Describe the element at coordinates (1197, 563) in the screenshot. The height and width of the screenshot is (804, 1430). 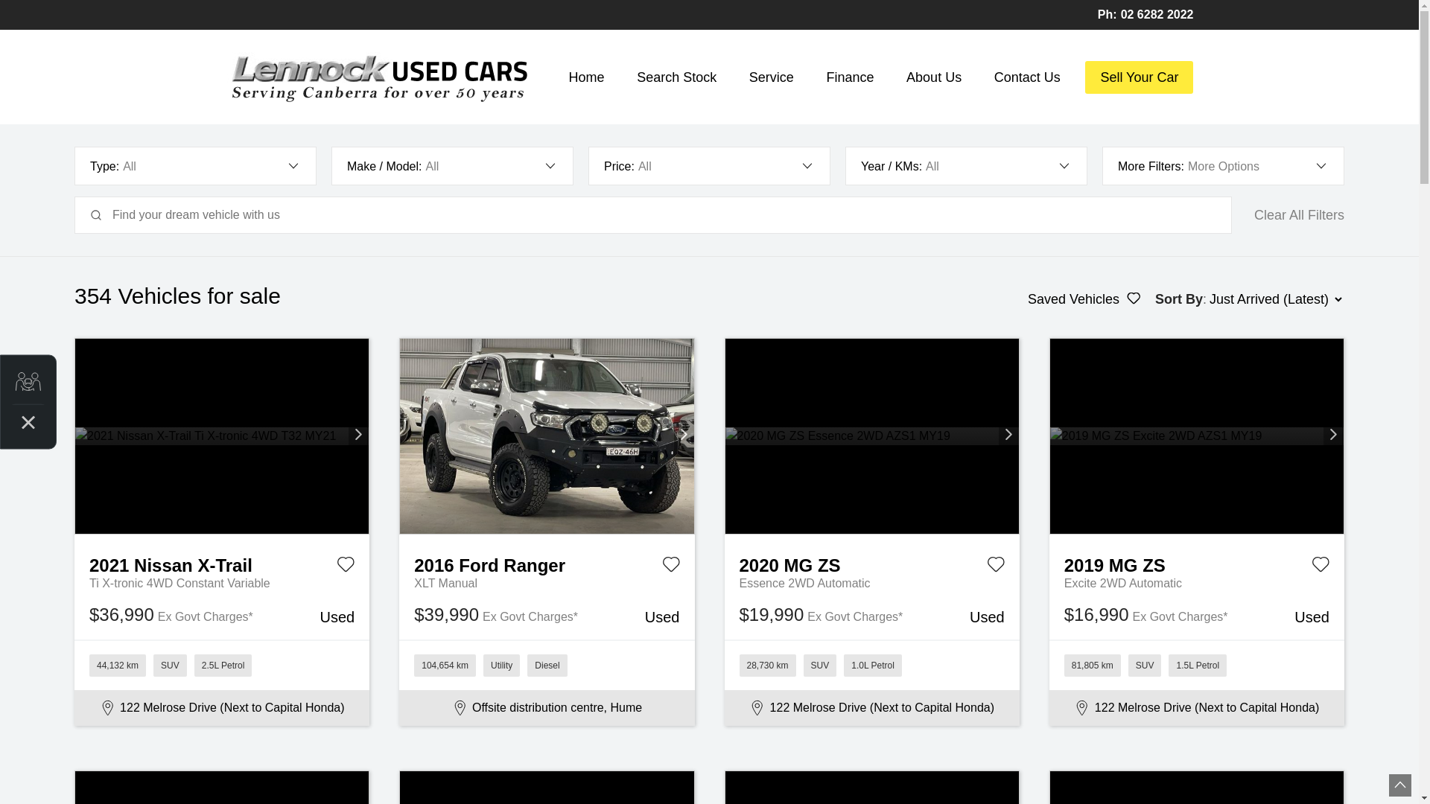
I see `'2019 MG ZS` at that location.